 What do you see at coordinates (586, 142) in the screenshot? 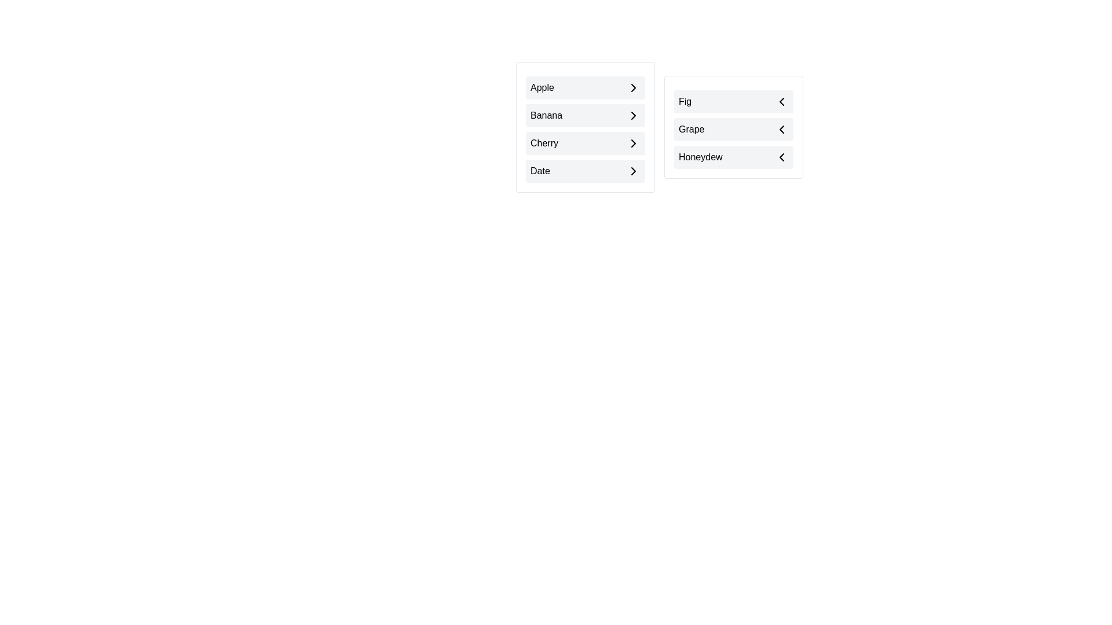
I see `the item Cherry in the list` at bounding box center [586, 142].